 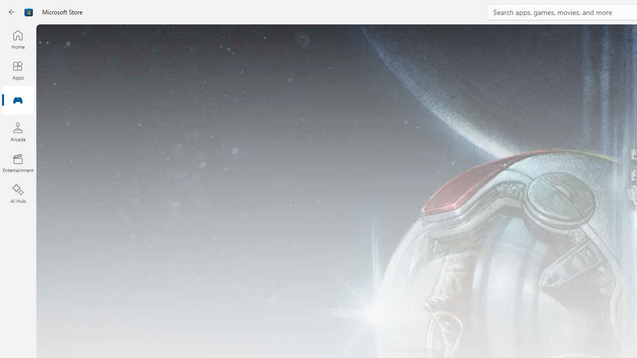 What do you see at coordinates (17, 101) in the screenshot?
I see `'Gaming'` at bounding box center [17, 101].